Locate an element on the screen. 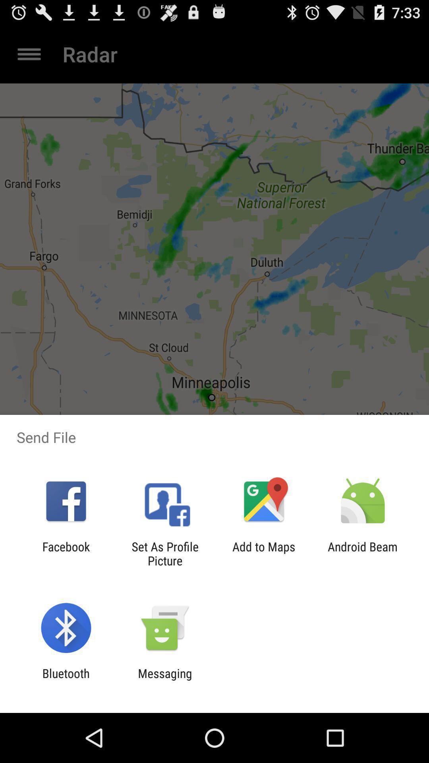 Image resolution: width=429 pixels, height=763 pixels. messaging is located at coordinates (164, 680).